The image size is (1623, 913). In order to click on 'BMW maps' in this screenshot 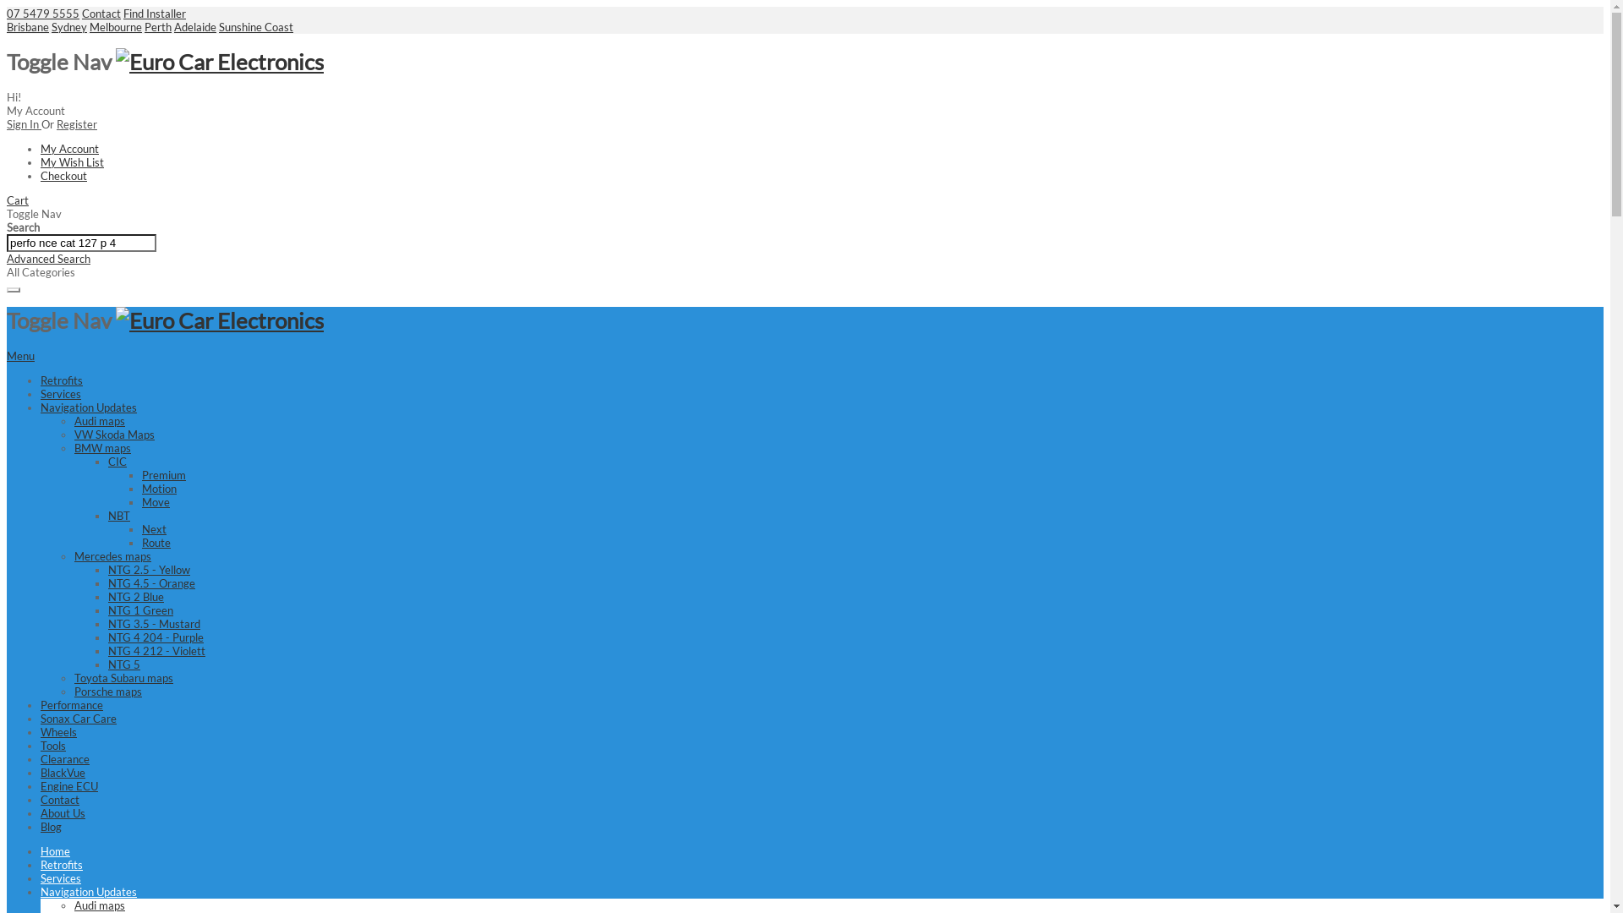, I will do `click(101, 446)`.